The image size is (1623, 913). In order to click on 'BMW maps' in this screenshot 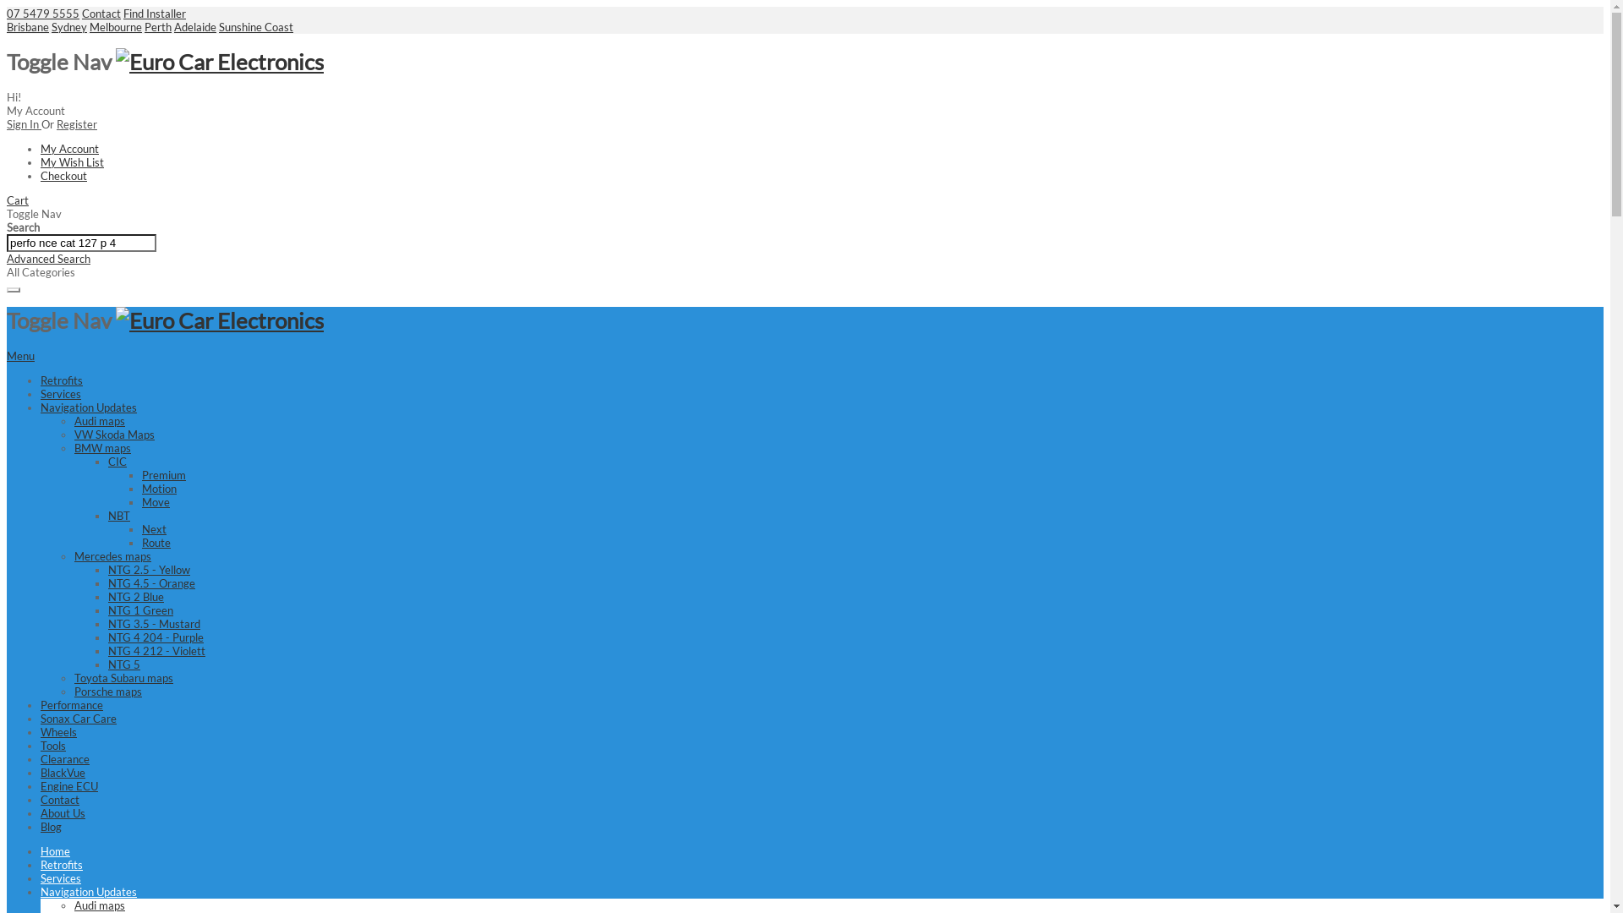, I will do `click(101, 446)`.